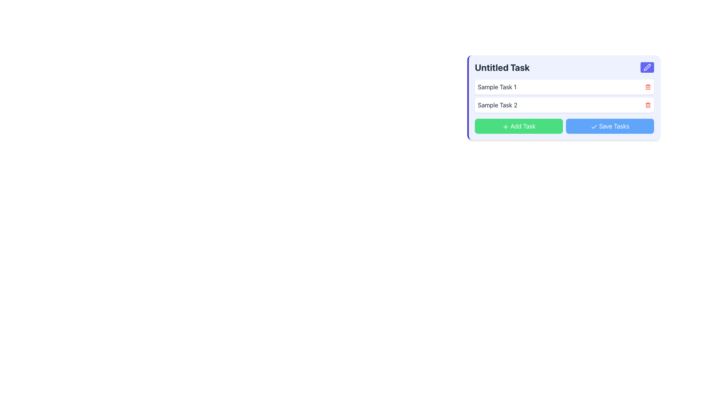  What do you see at coordinates (564, 87) in the screenshot?
I see `the first list item labeled 'Sample Task 1'` at bounding box center [564, 87].